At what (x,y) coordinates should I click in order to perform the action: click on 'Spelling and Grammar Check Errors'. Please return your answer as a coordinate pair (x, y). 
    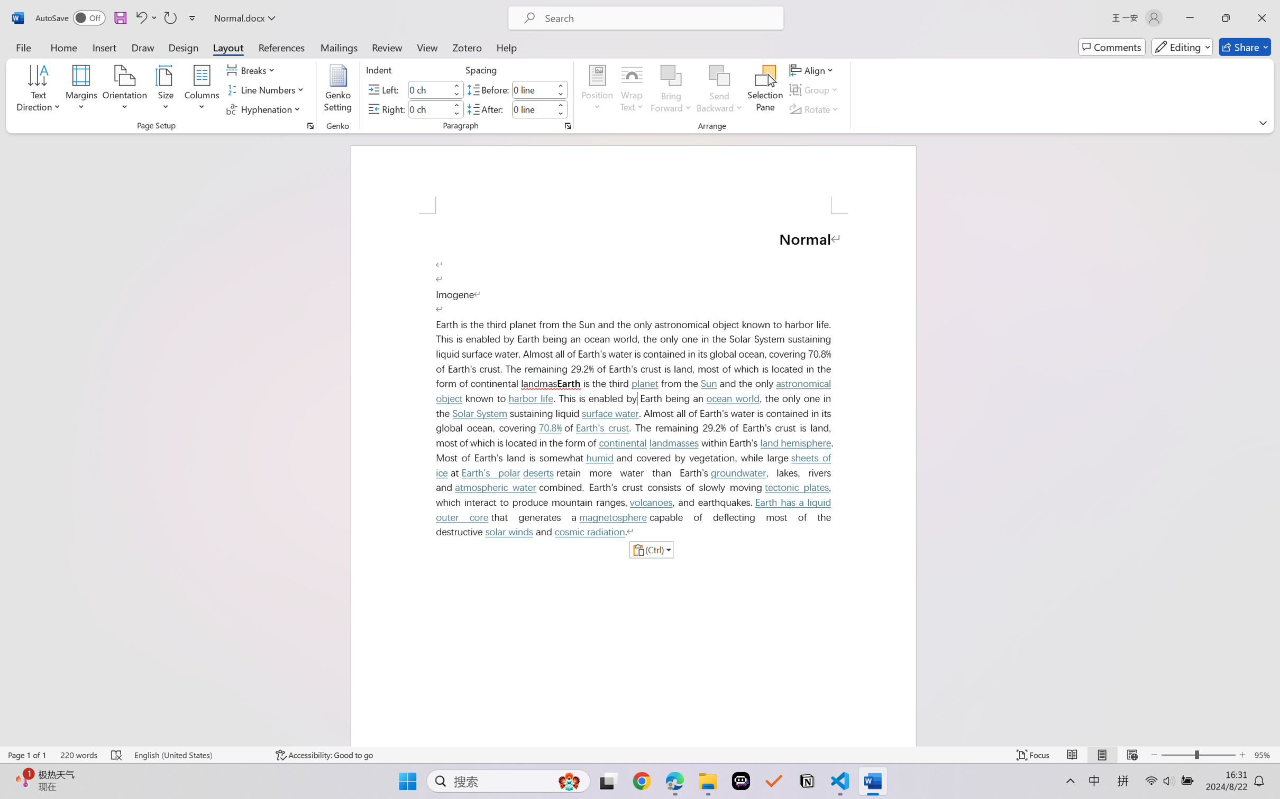
    Looking at the image, I should click on (116, 755).